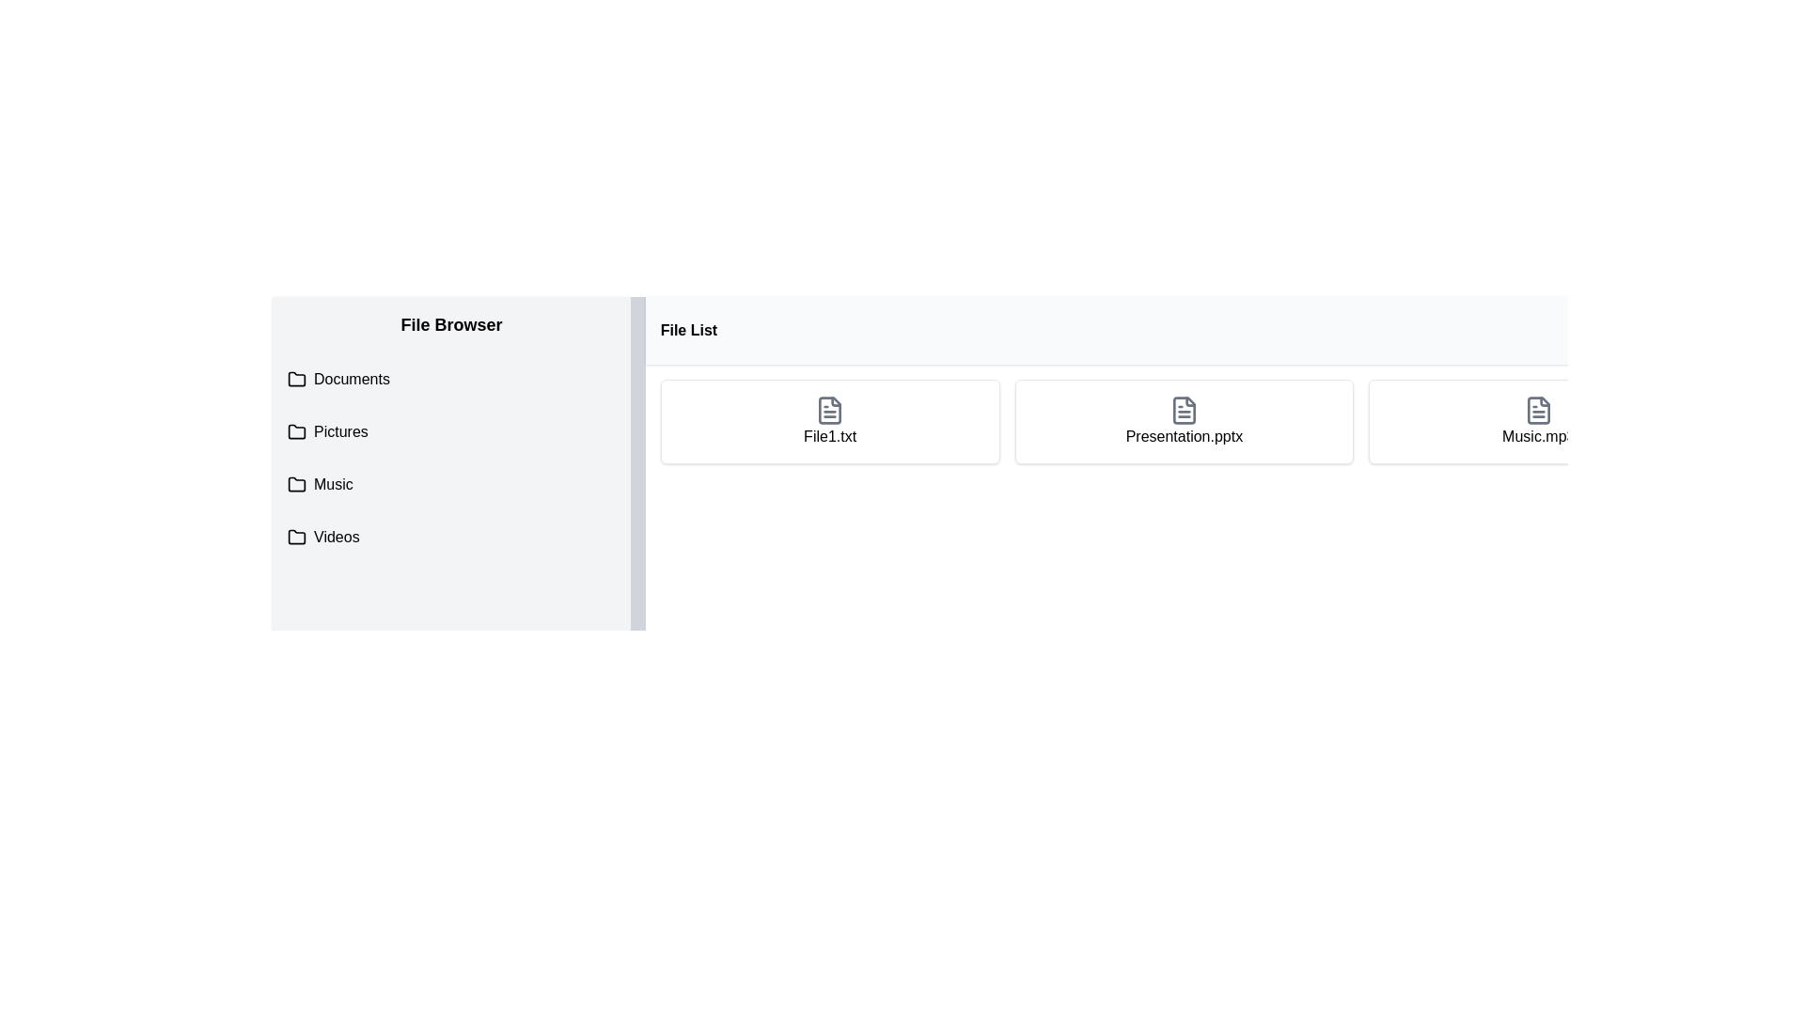 This screenshot has height=1015, width=1805. Describe the element at coordinates (352, 380) in the screenshot. I see `the text label displaying 'Documents' in the 'File Browser' panel, which is aligned horizontally next to a folder icon and is the first item in the list` at that location.